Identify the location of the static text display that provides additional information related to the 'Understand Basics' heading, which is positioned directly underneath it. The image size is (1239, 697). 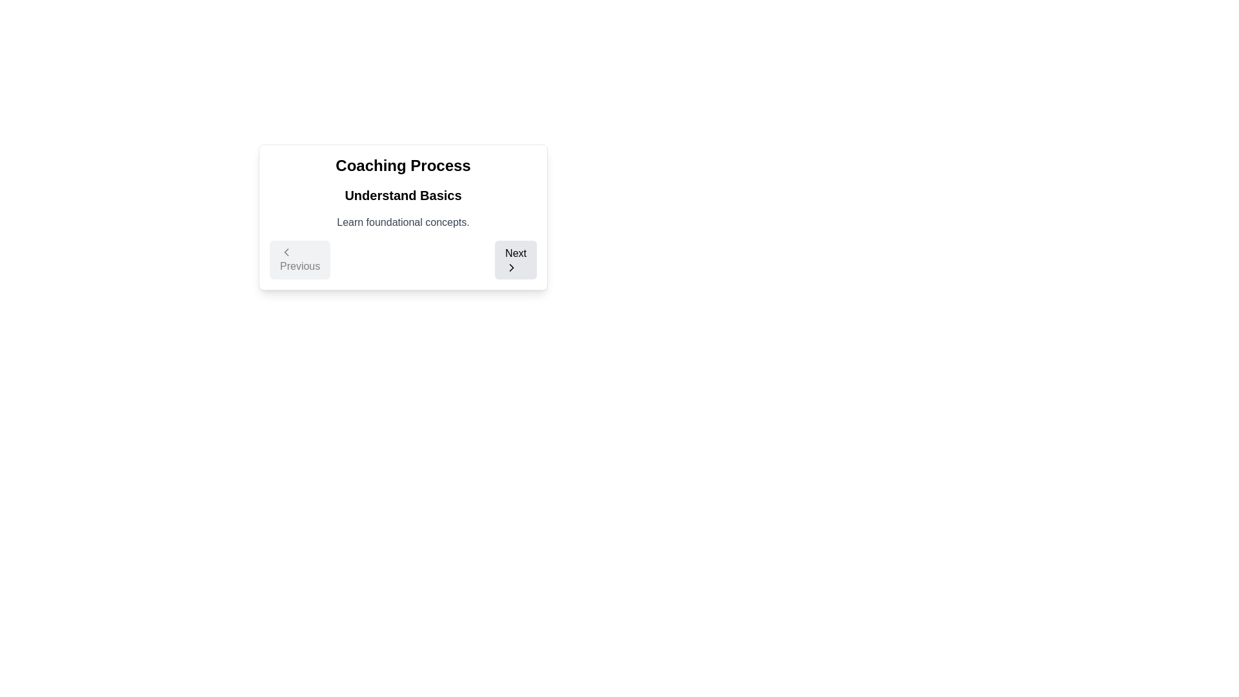
(402, 221).